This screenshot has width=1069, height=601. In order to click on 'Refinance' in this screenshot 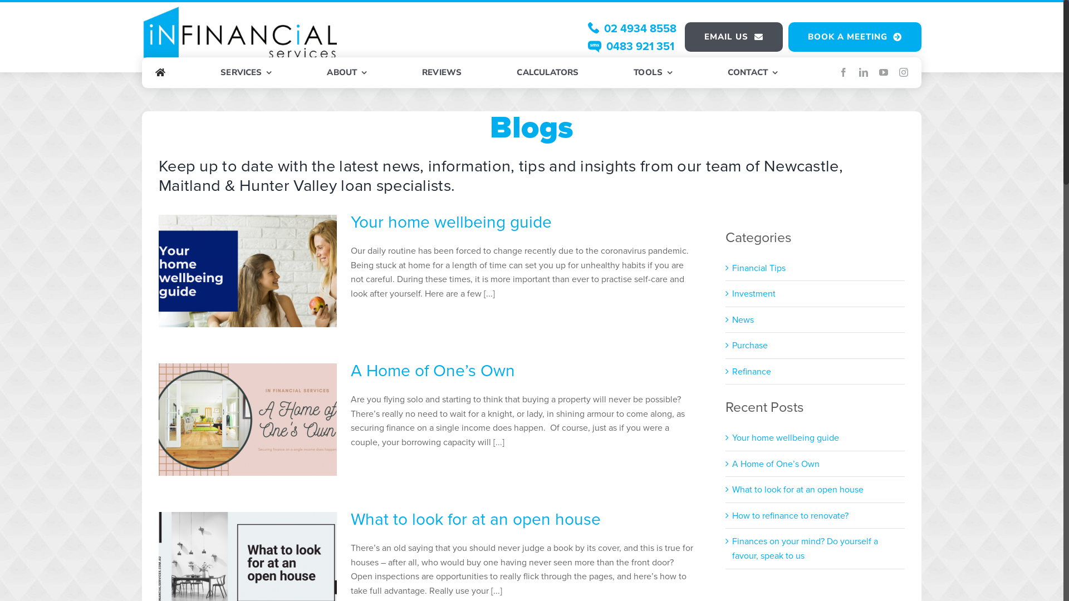, I will do `click(732, 371)`.